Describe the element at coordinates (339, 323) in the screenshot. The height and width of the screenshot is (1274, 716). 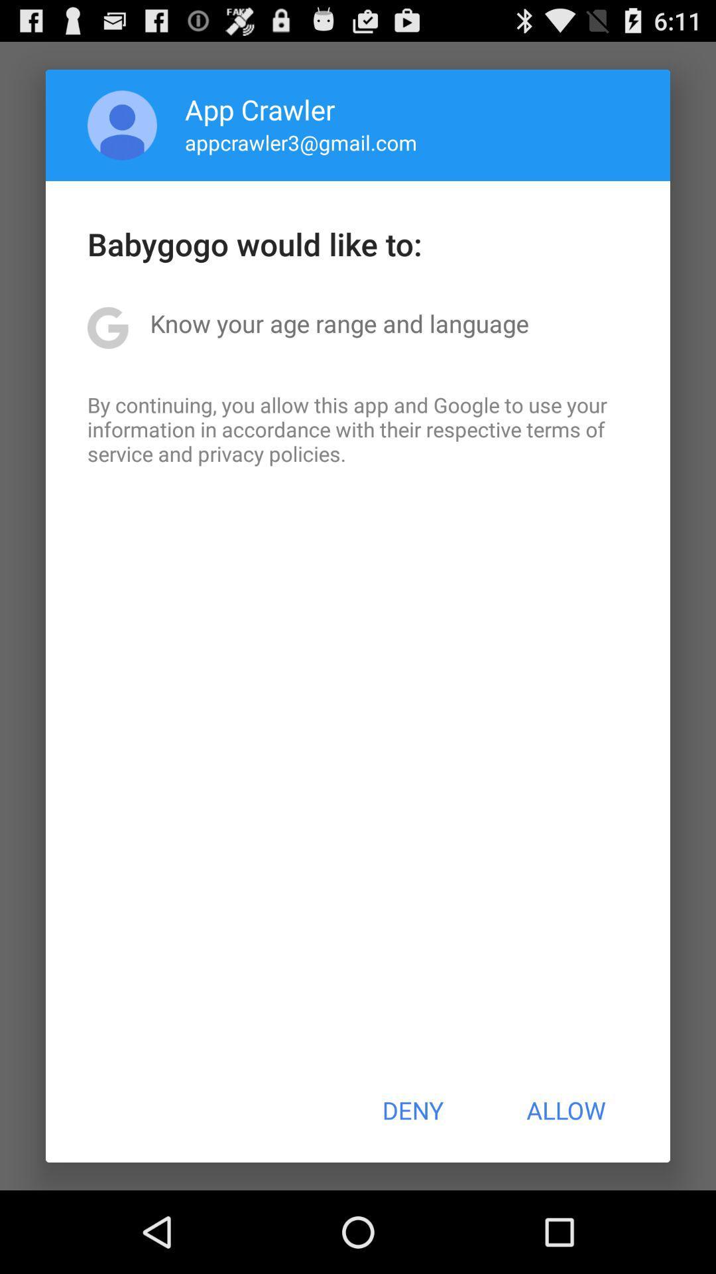
I see `know your age app` at that location.